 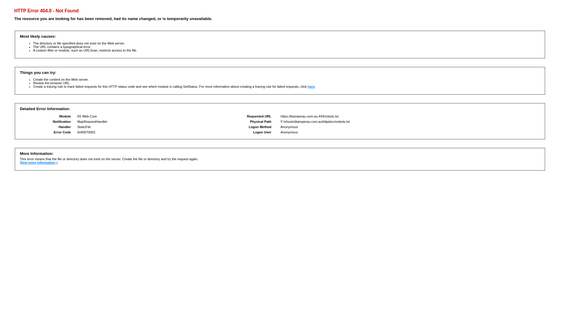 I want to click on 'here', so click(x=311, y=86).